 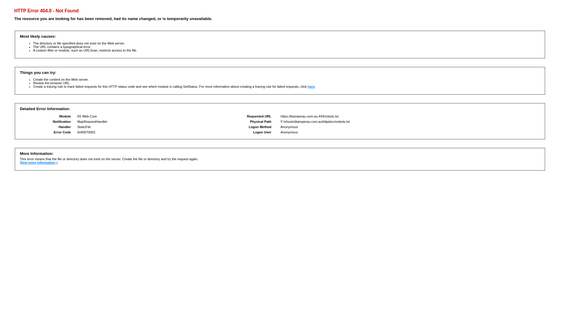 I want to click on 'here', so click(x=311, y=86).